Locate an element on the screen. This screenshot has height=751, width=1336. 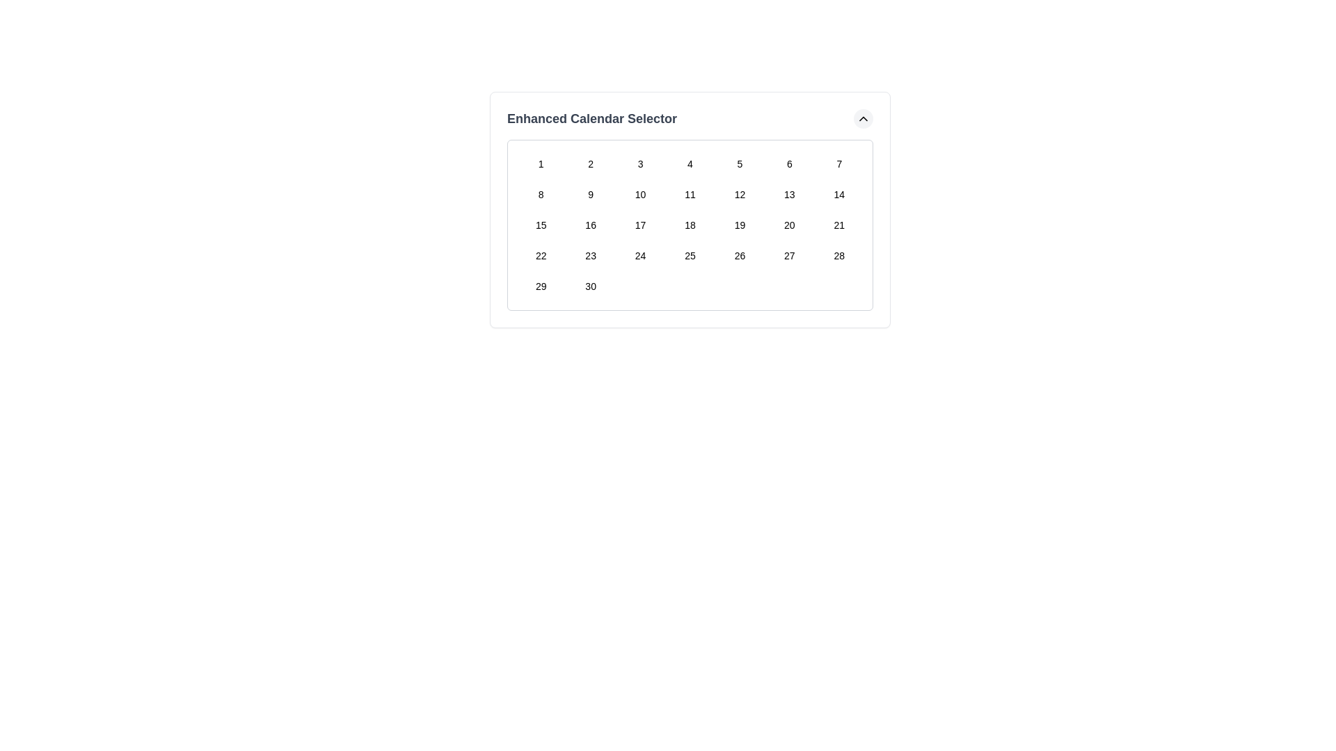
the small square button displaying the number '25' in the Enhanced Calendar Selector interface is located at coordinates (690, 255).